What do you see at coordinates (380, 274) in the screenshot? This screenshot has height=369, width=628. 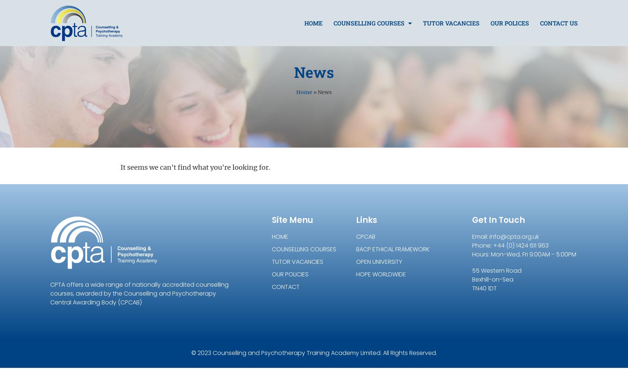 I see `'HOPE WORLDWIDE'` at bounding box center [380, 274].